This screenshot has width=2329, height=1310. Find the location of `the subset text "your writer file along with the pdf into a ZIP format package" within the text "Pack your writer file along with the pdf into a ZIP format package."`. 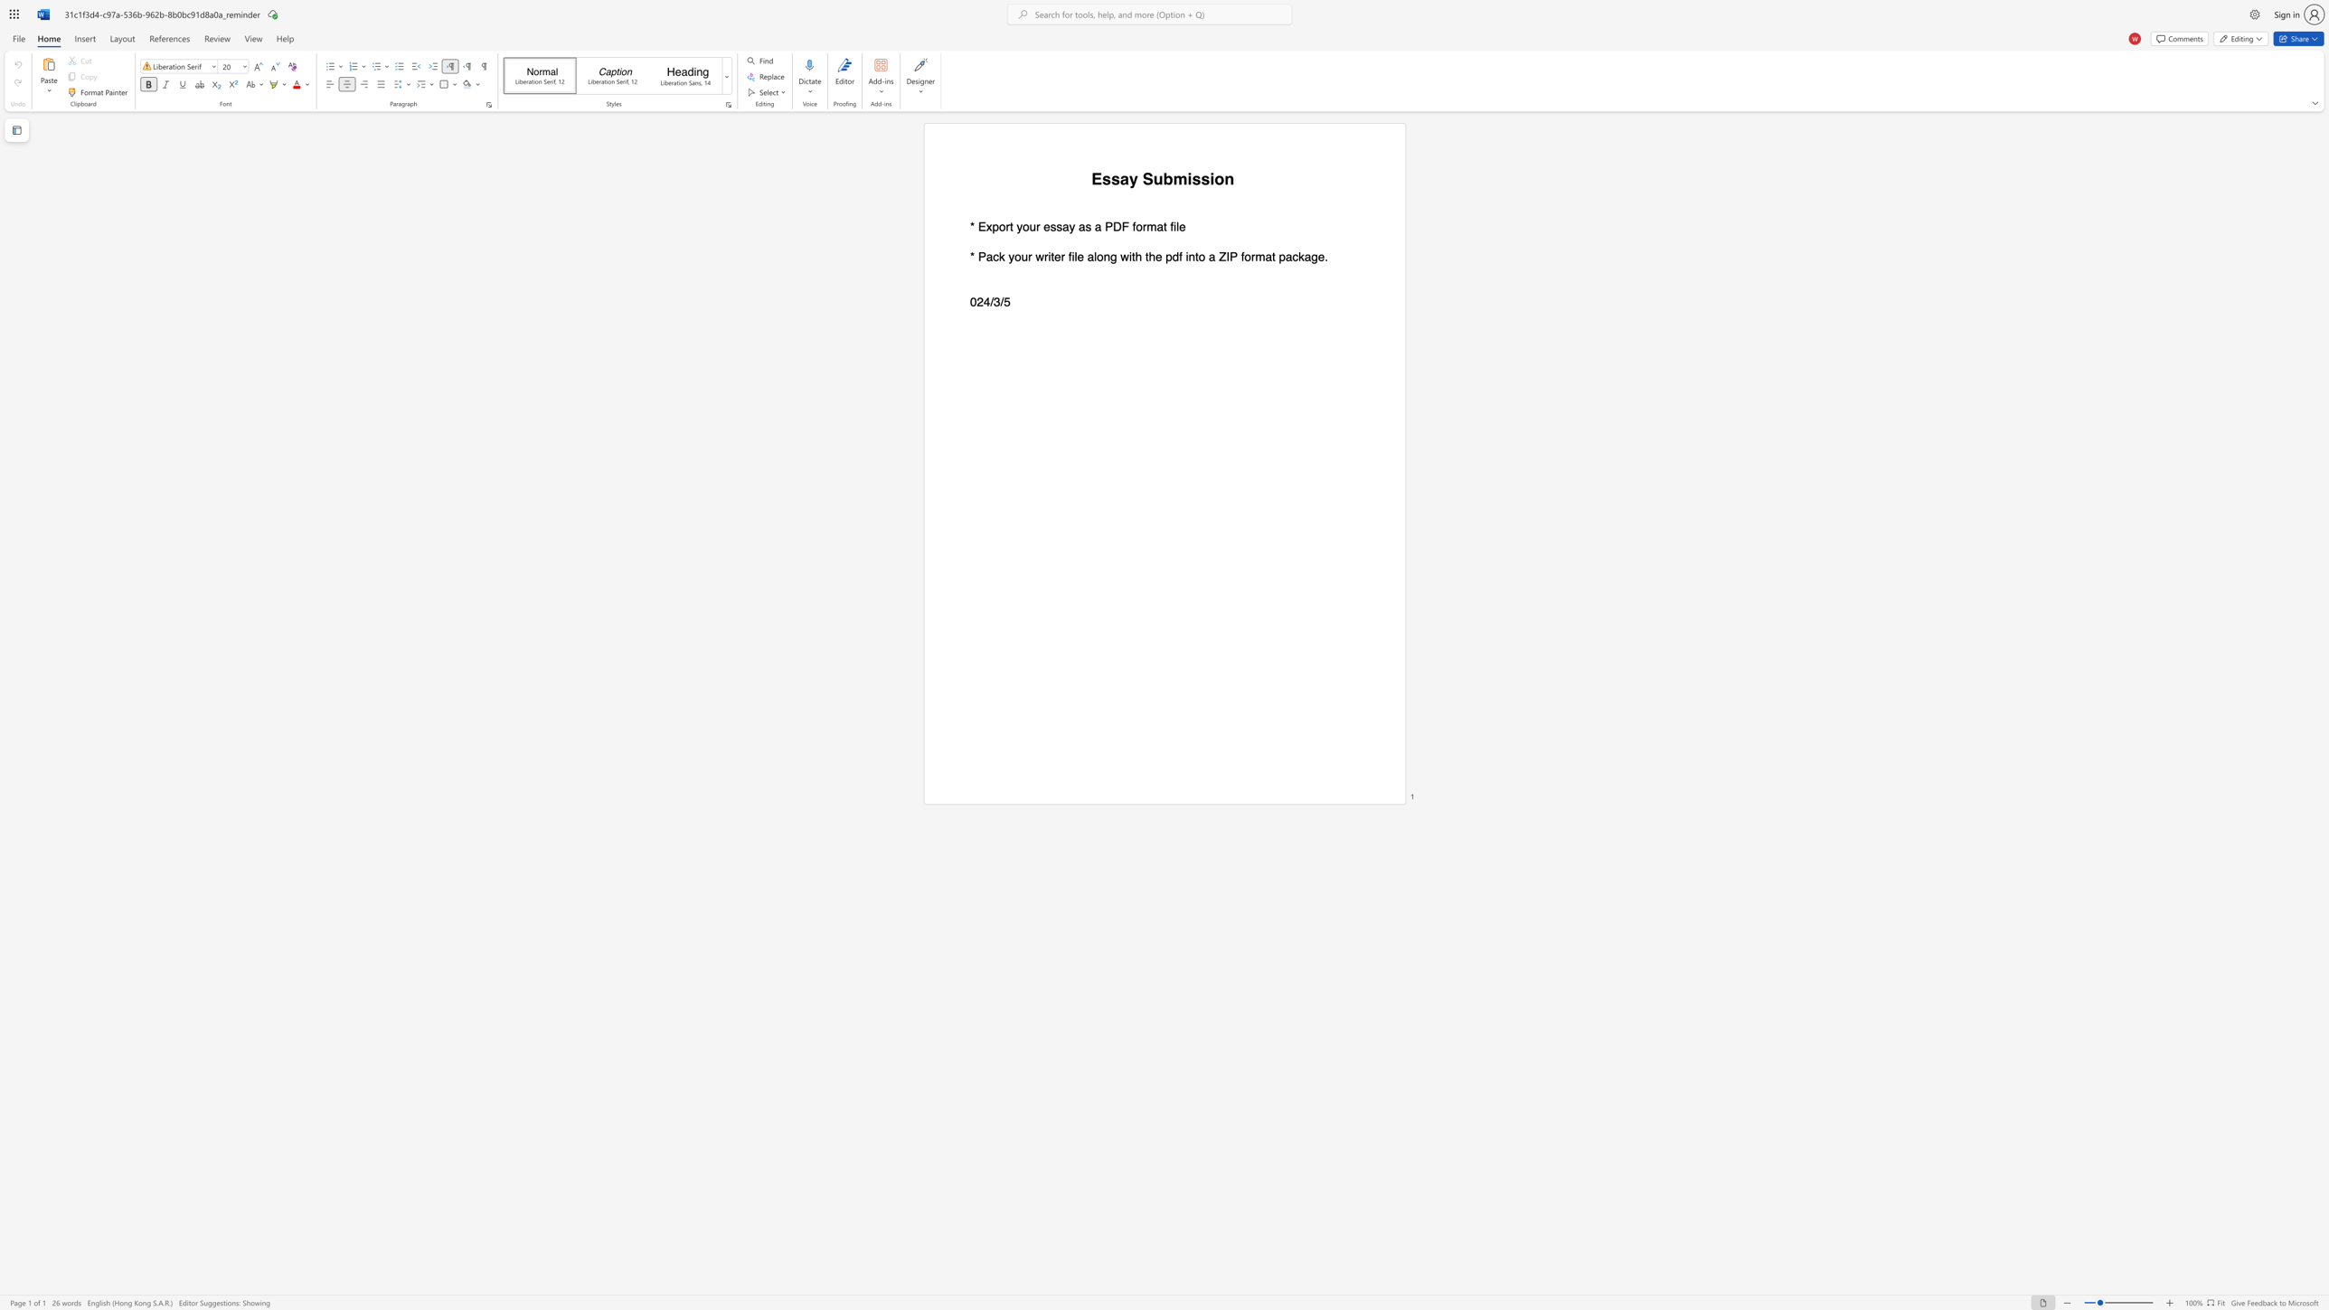

the subset text "your writer file along with the pdf into a ZIP format package" within the text "Pack your writer file along with the pdf into a ZIP format package." is located at coordinates (1008, 256).